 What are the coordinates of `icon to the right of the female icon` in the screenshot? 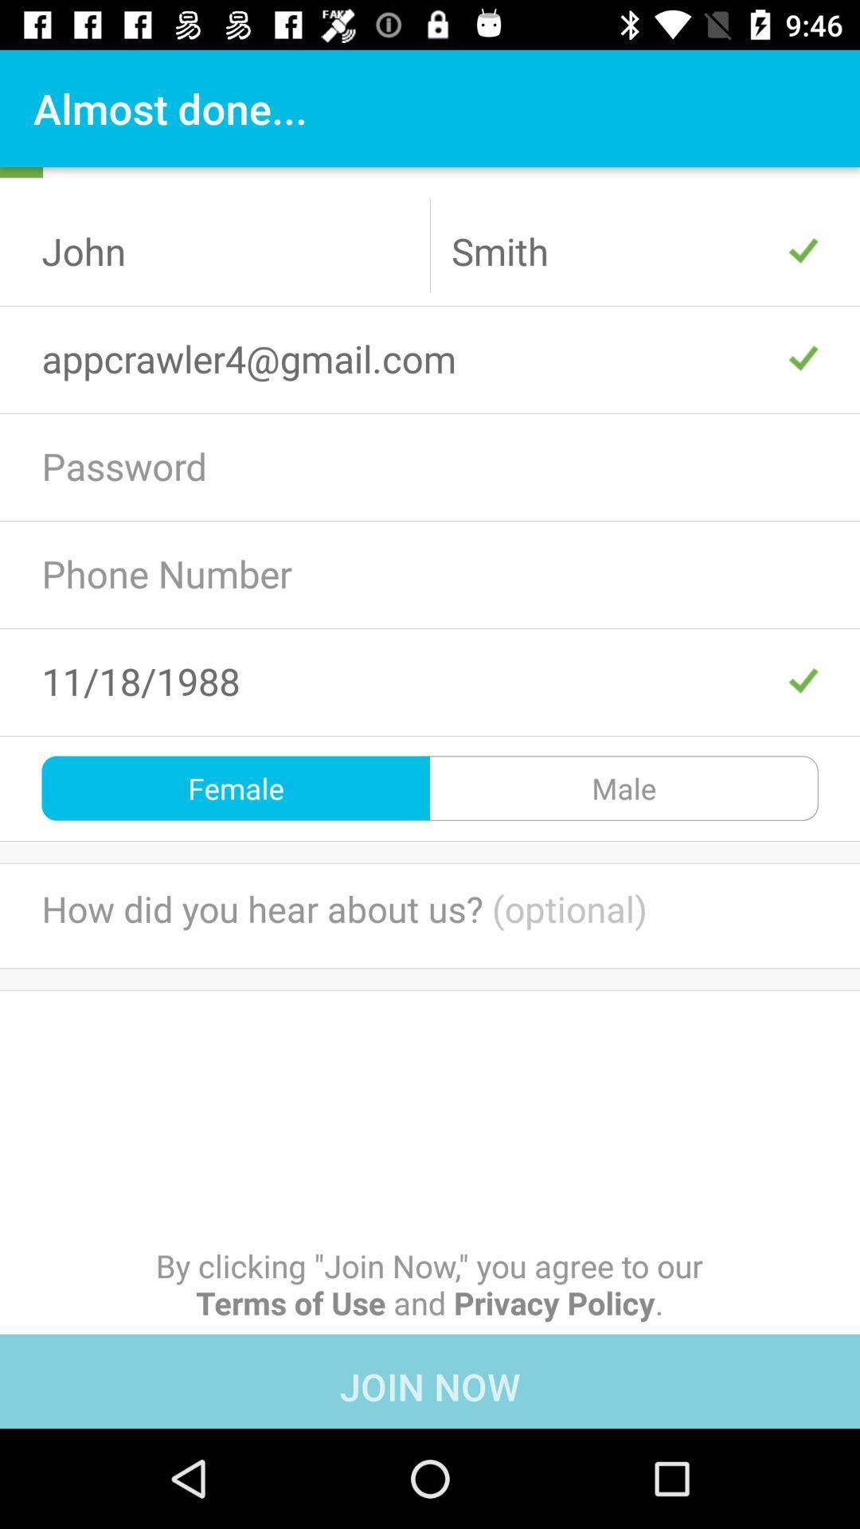 It's located at (623, 788).